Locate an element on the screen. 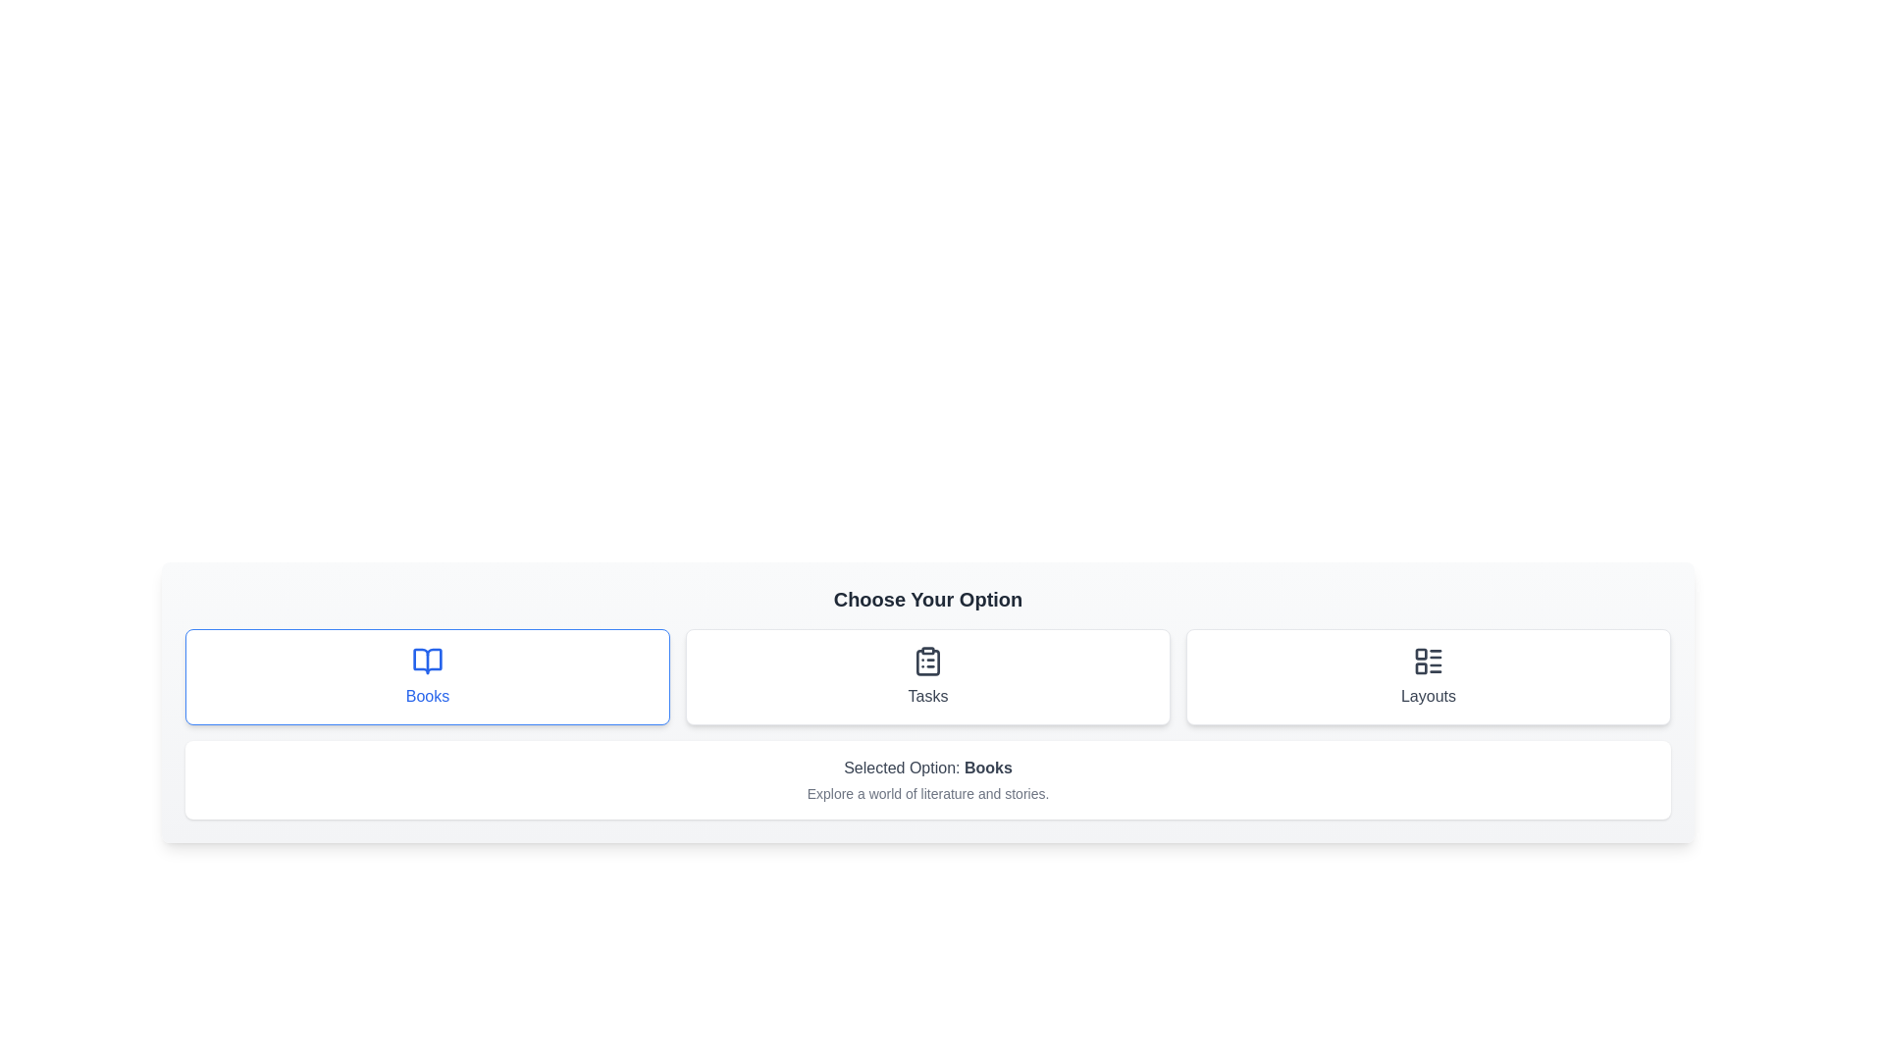 The height and width of the screenshot is (1060, 1884). the clipboard icon located in the 'Tasks' option card is located at coordinates (926, 662).